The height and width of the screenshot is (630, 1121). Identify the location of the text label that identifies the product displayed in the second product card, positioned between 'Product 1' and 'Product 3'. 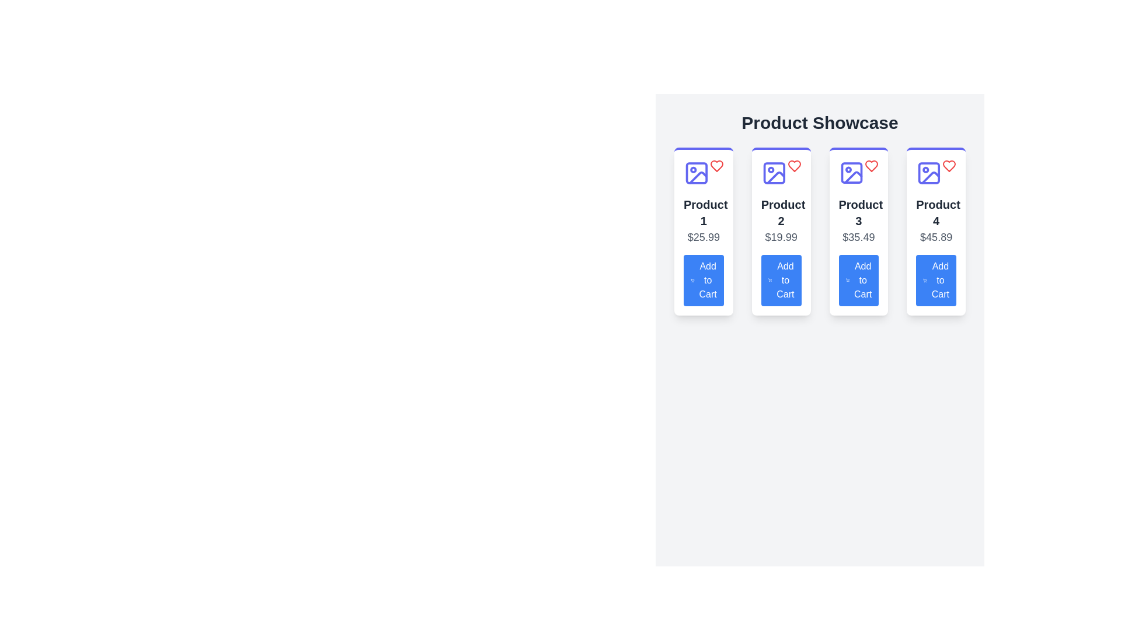
(781, 213).